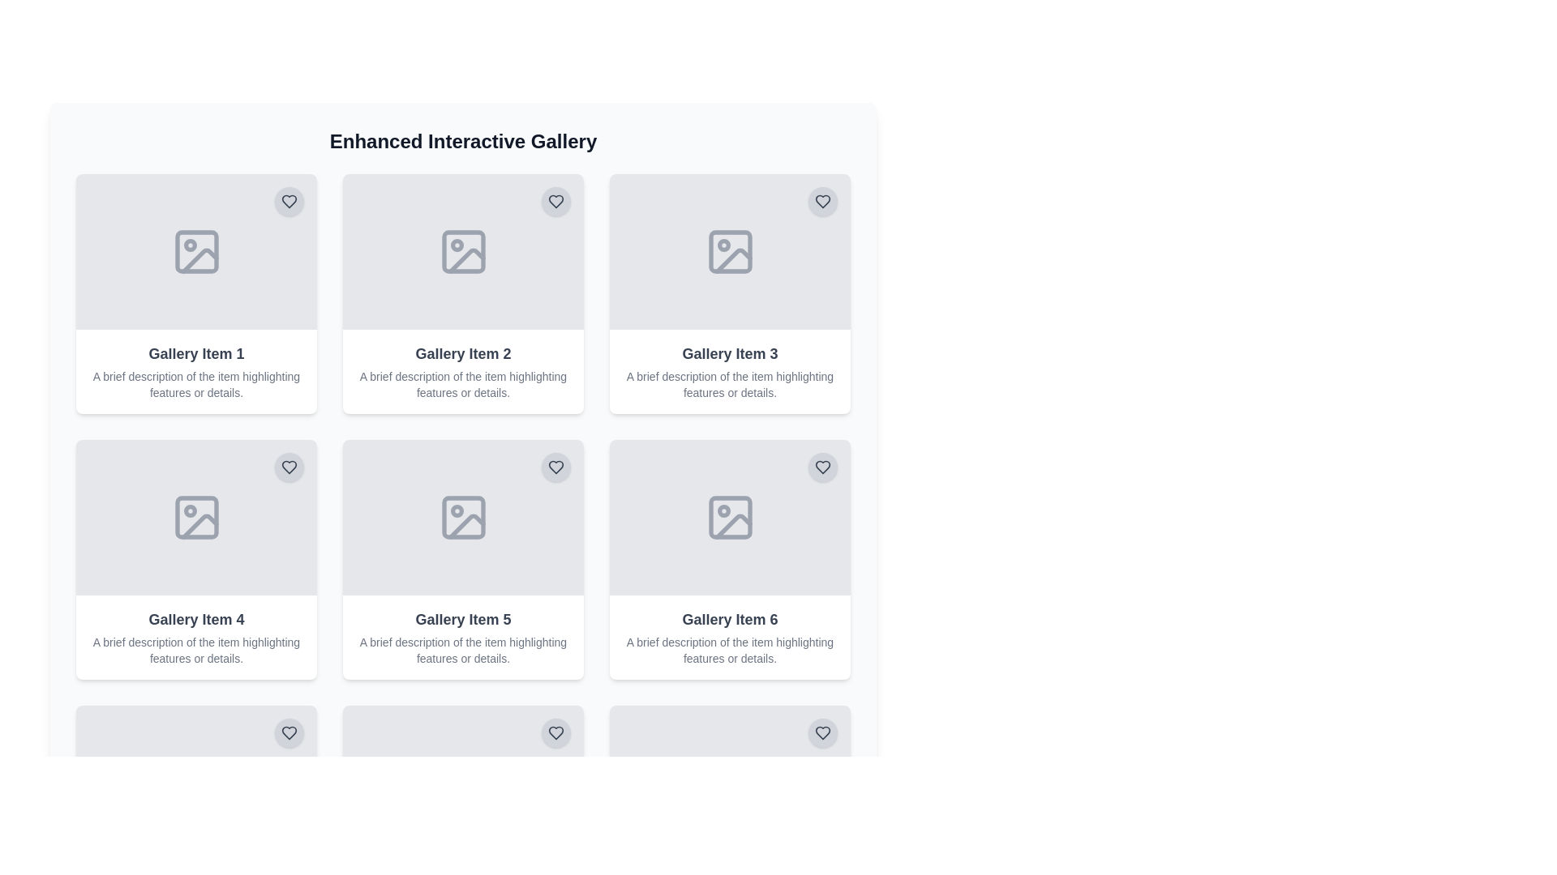 The height and width of the screenshot is (875, 1557). Describe the element at coordinates (195, 636) in the screenshot. I see `the Card element titled 'Gallery Item 4' located in the first column of the third row in the grid layout` at that location.